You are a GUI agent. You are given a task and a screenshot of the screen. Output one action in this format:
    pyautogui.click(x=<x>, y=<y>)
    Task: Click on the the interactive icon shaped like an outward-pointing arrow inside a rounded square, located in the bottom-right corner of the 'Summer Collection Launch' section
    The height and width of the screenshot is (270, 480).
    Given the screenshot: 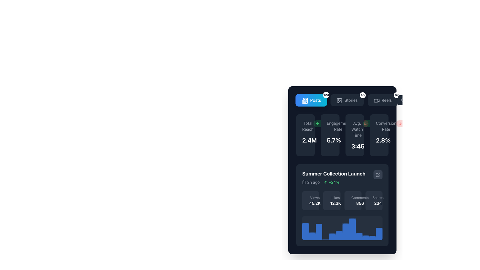 What is the action you would take?
    pyautogui.click(x=378, y=174)
    